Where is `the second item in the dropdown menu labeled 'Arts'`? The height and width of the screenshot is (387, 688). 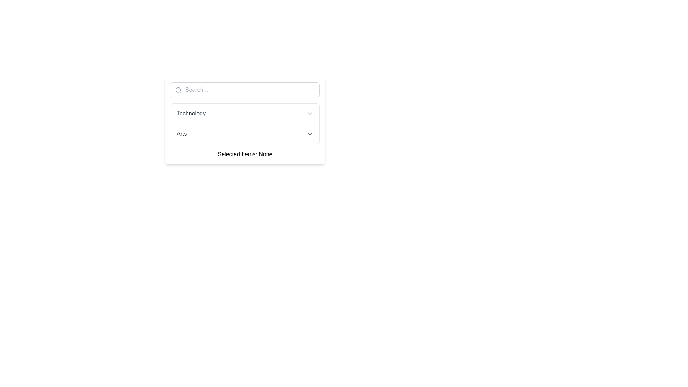 the second item in the dropdown menu labeled 'Arts' is located at coordinates (245, 134).